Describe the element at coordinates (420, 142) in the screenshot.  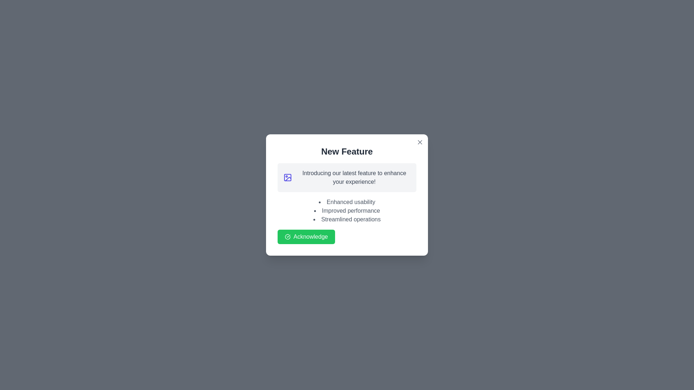
I see `the small interactive cross icon located at the top-right corner of the modal dialog, which changes color when hovered over` at that location.